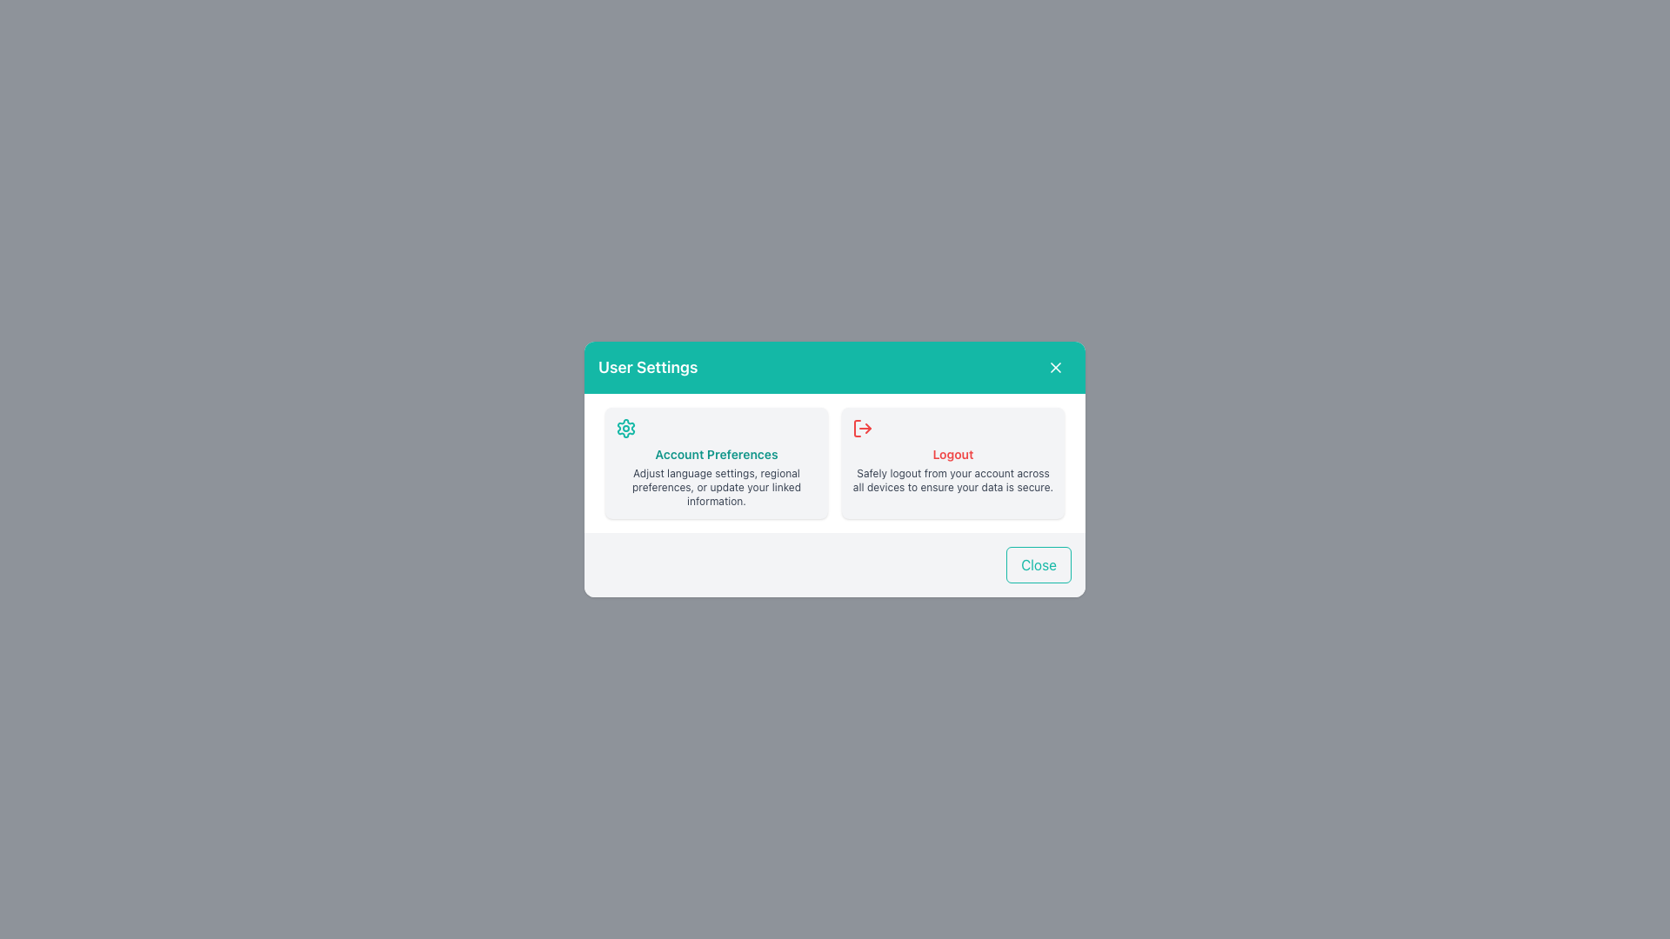  Describe the element at coordinates (1055, 367) in the screenshot. I see `the circular button with a teal background and a white 'X' icon located at the top-right corner of the 'User Settings' header to observe the background color change` at that location.